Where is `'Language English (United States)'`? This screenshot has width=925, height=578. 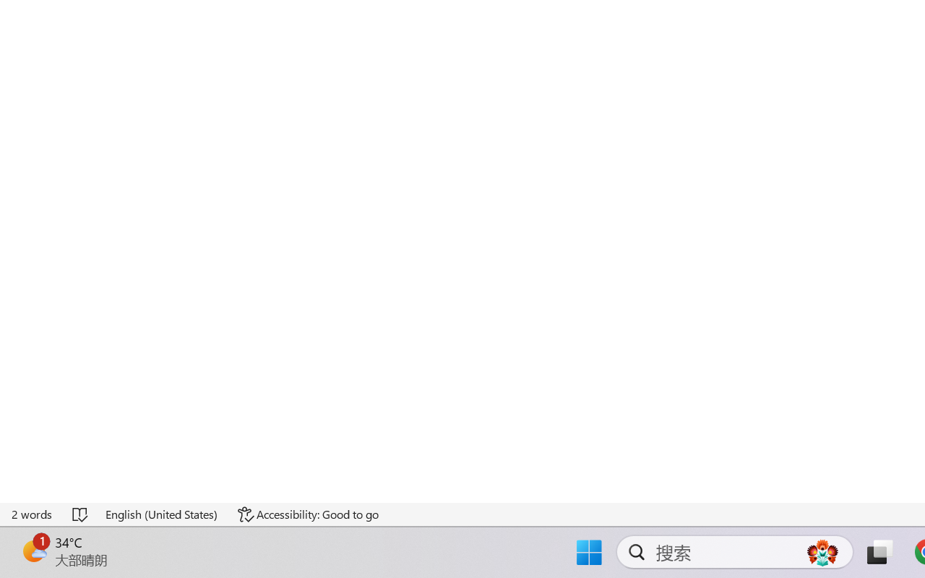
'Language English (United States)' is located at coordinates (162, 514).